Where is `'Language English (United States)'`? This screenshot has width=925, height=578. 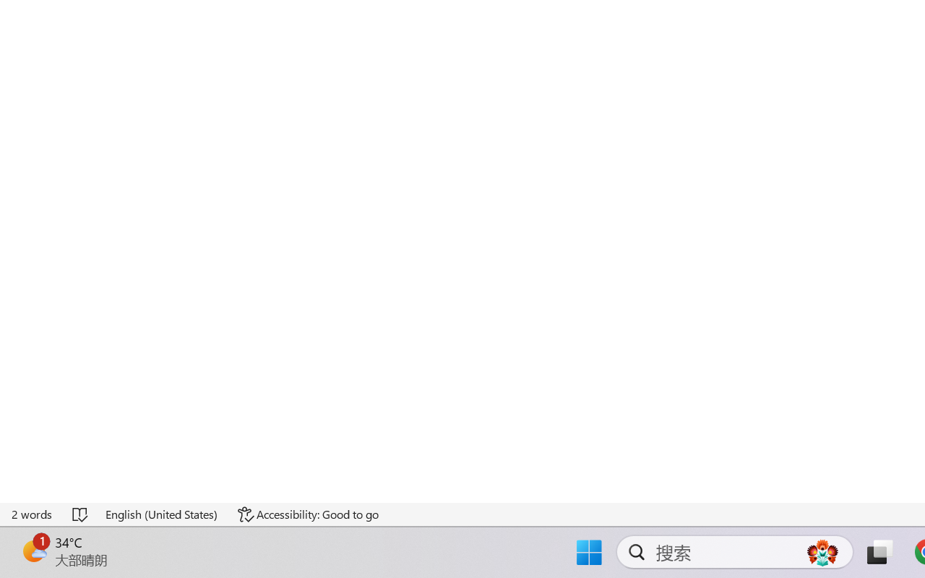
'Language English (United States)' is located at coordinates (162, 514).